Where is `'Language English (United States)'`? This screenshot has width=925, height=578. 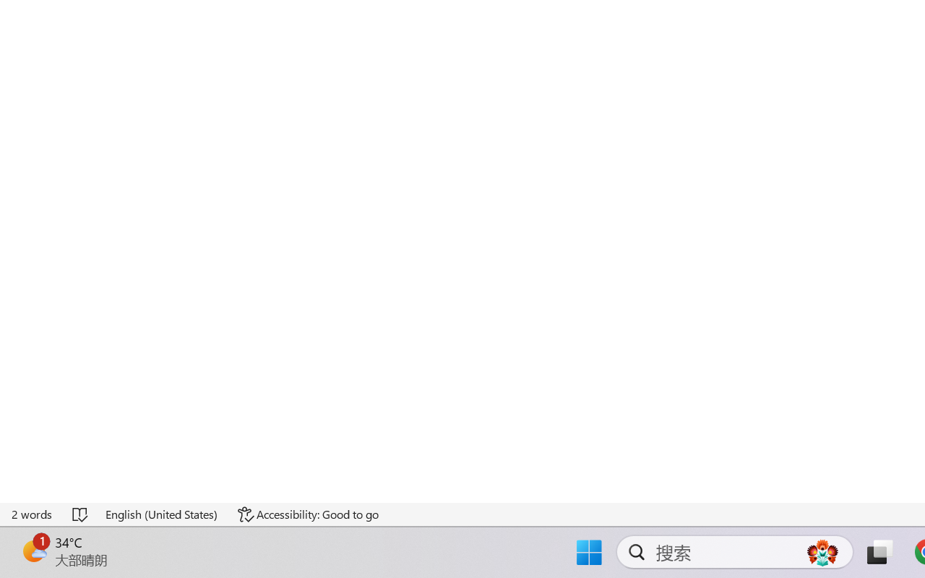
'Language English (United States)' is located at coordinates (162, 514).